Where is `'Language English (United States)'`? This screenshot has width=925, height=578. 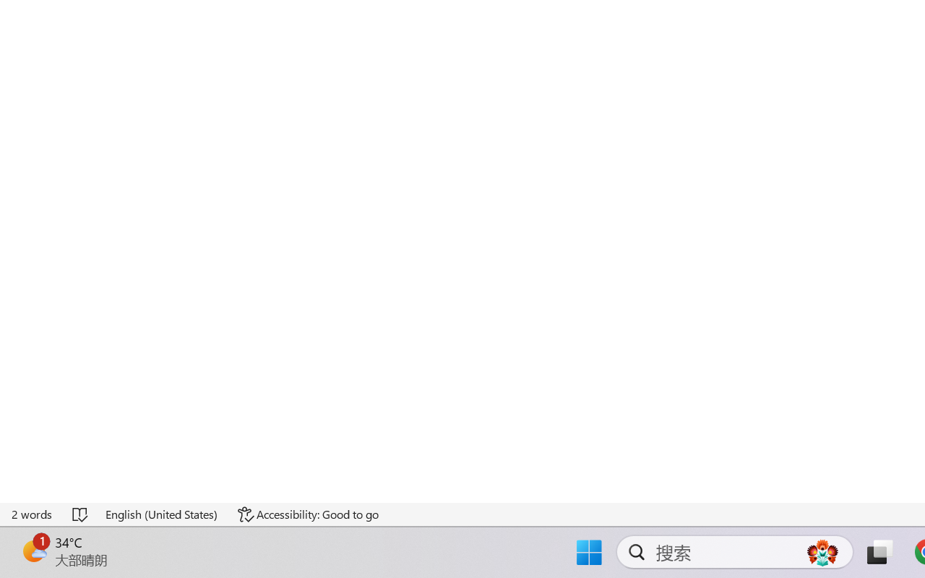
'Language English (United States)' is located at coordinates (162, 514).